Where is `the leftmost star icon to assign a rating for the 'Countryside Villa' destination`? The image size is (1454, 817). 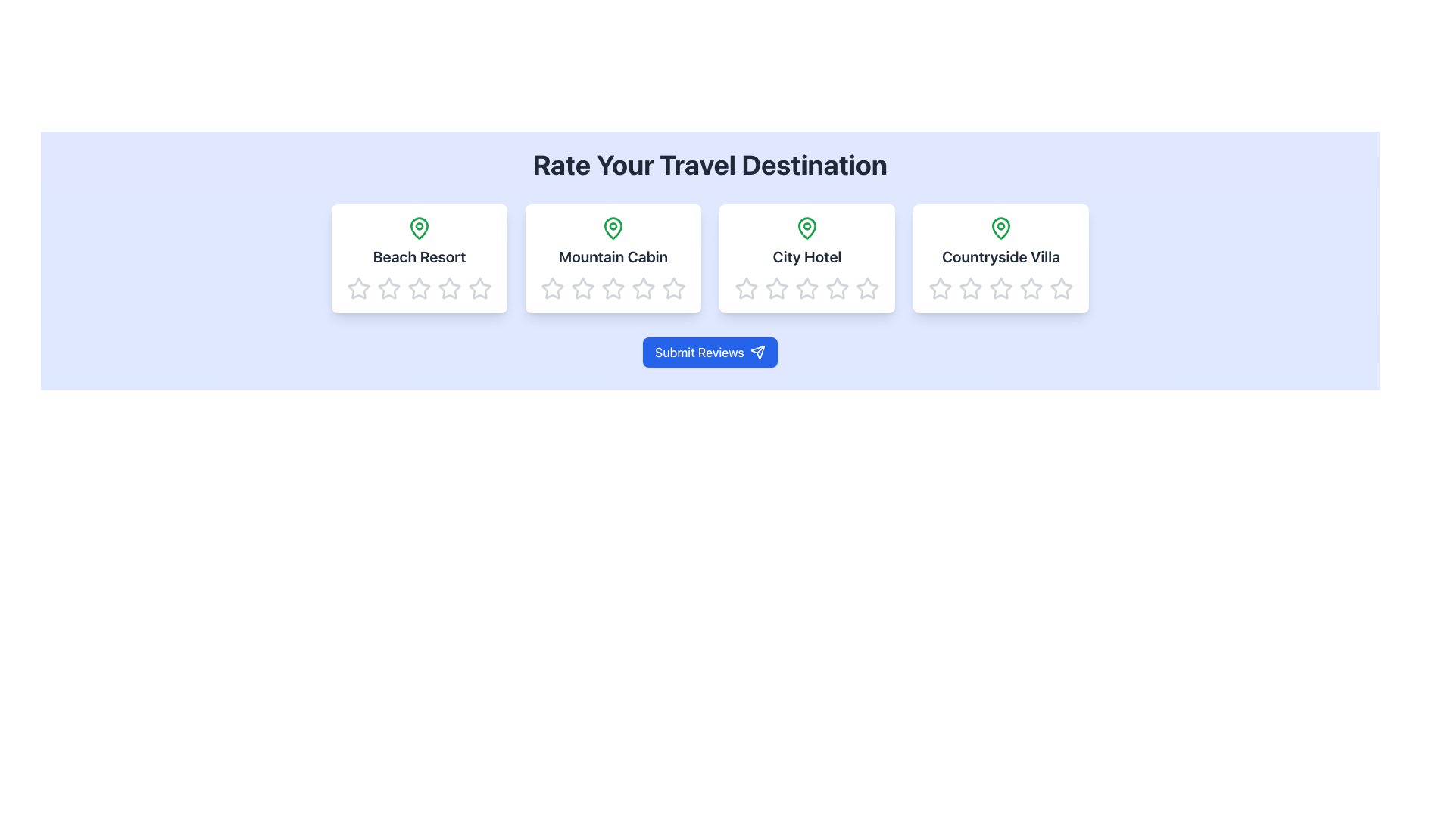
the leftmost star icon to assign a rating for the 'Countryside Villa' destination is located at coordinates (970, 288).